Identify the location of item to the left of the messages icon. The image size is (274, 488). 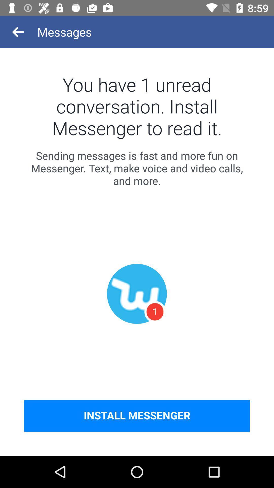
(18, 32).